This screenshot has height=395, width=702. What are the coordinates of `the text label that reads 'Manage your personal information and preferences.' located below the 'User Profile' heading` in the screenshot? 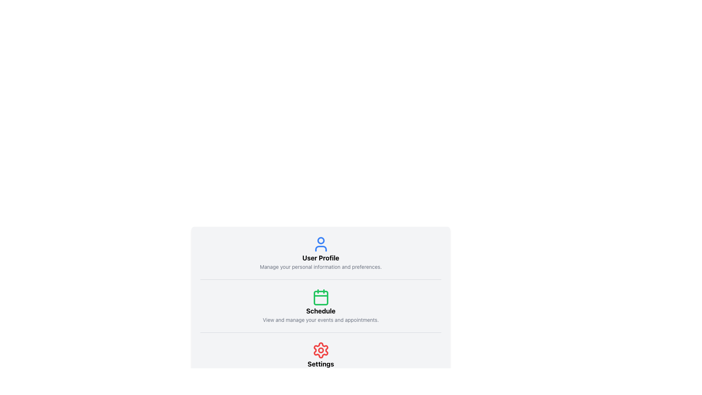 It's located at (321, 267).